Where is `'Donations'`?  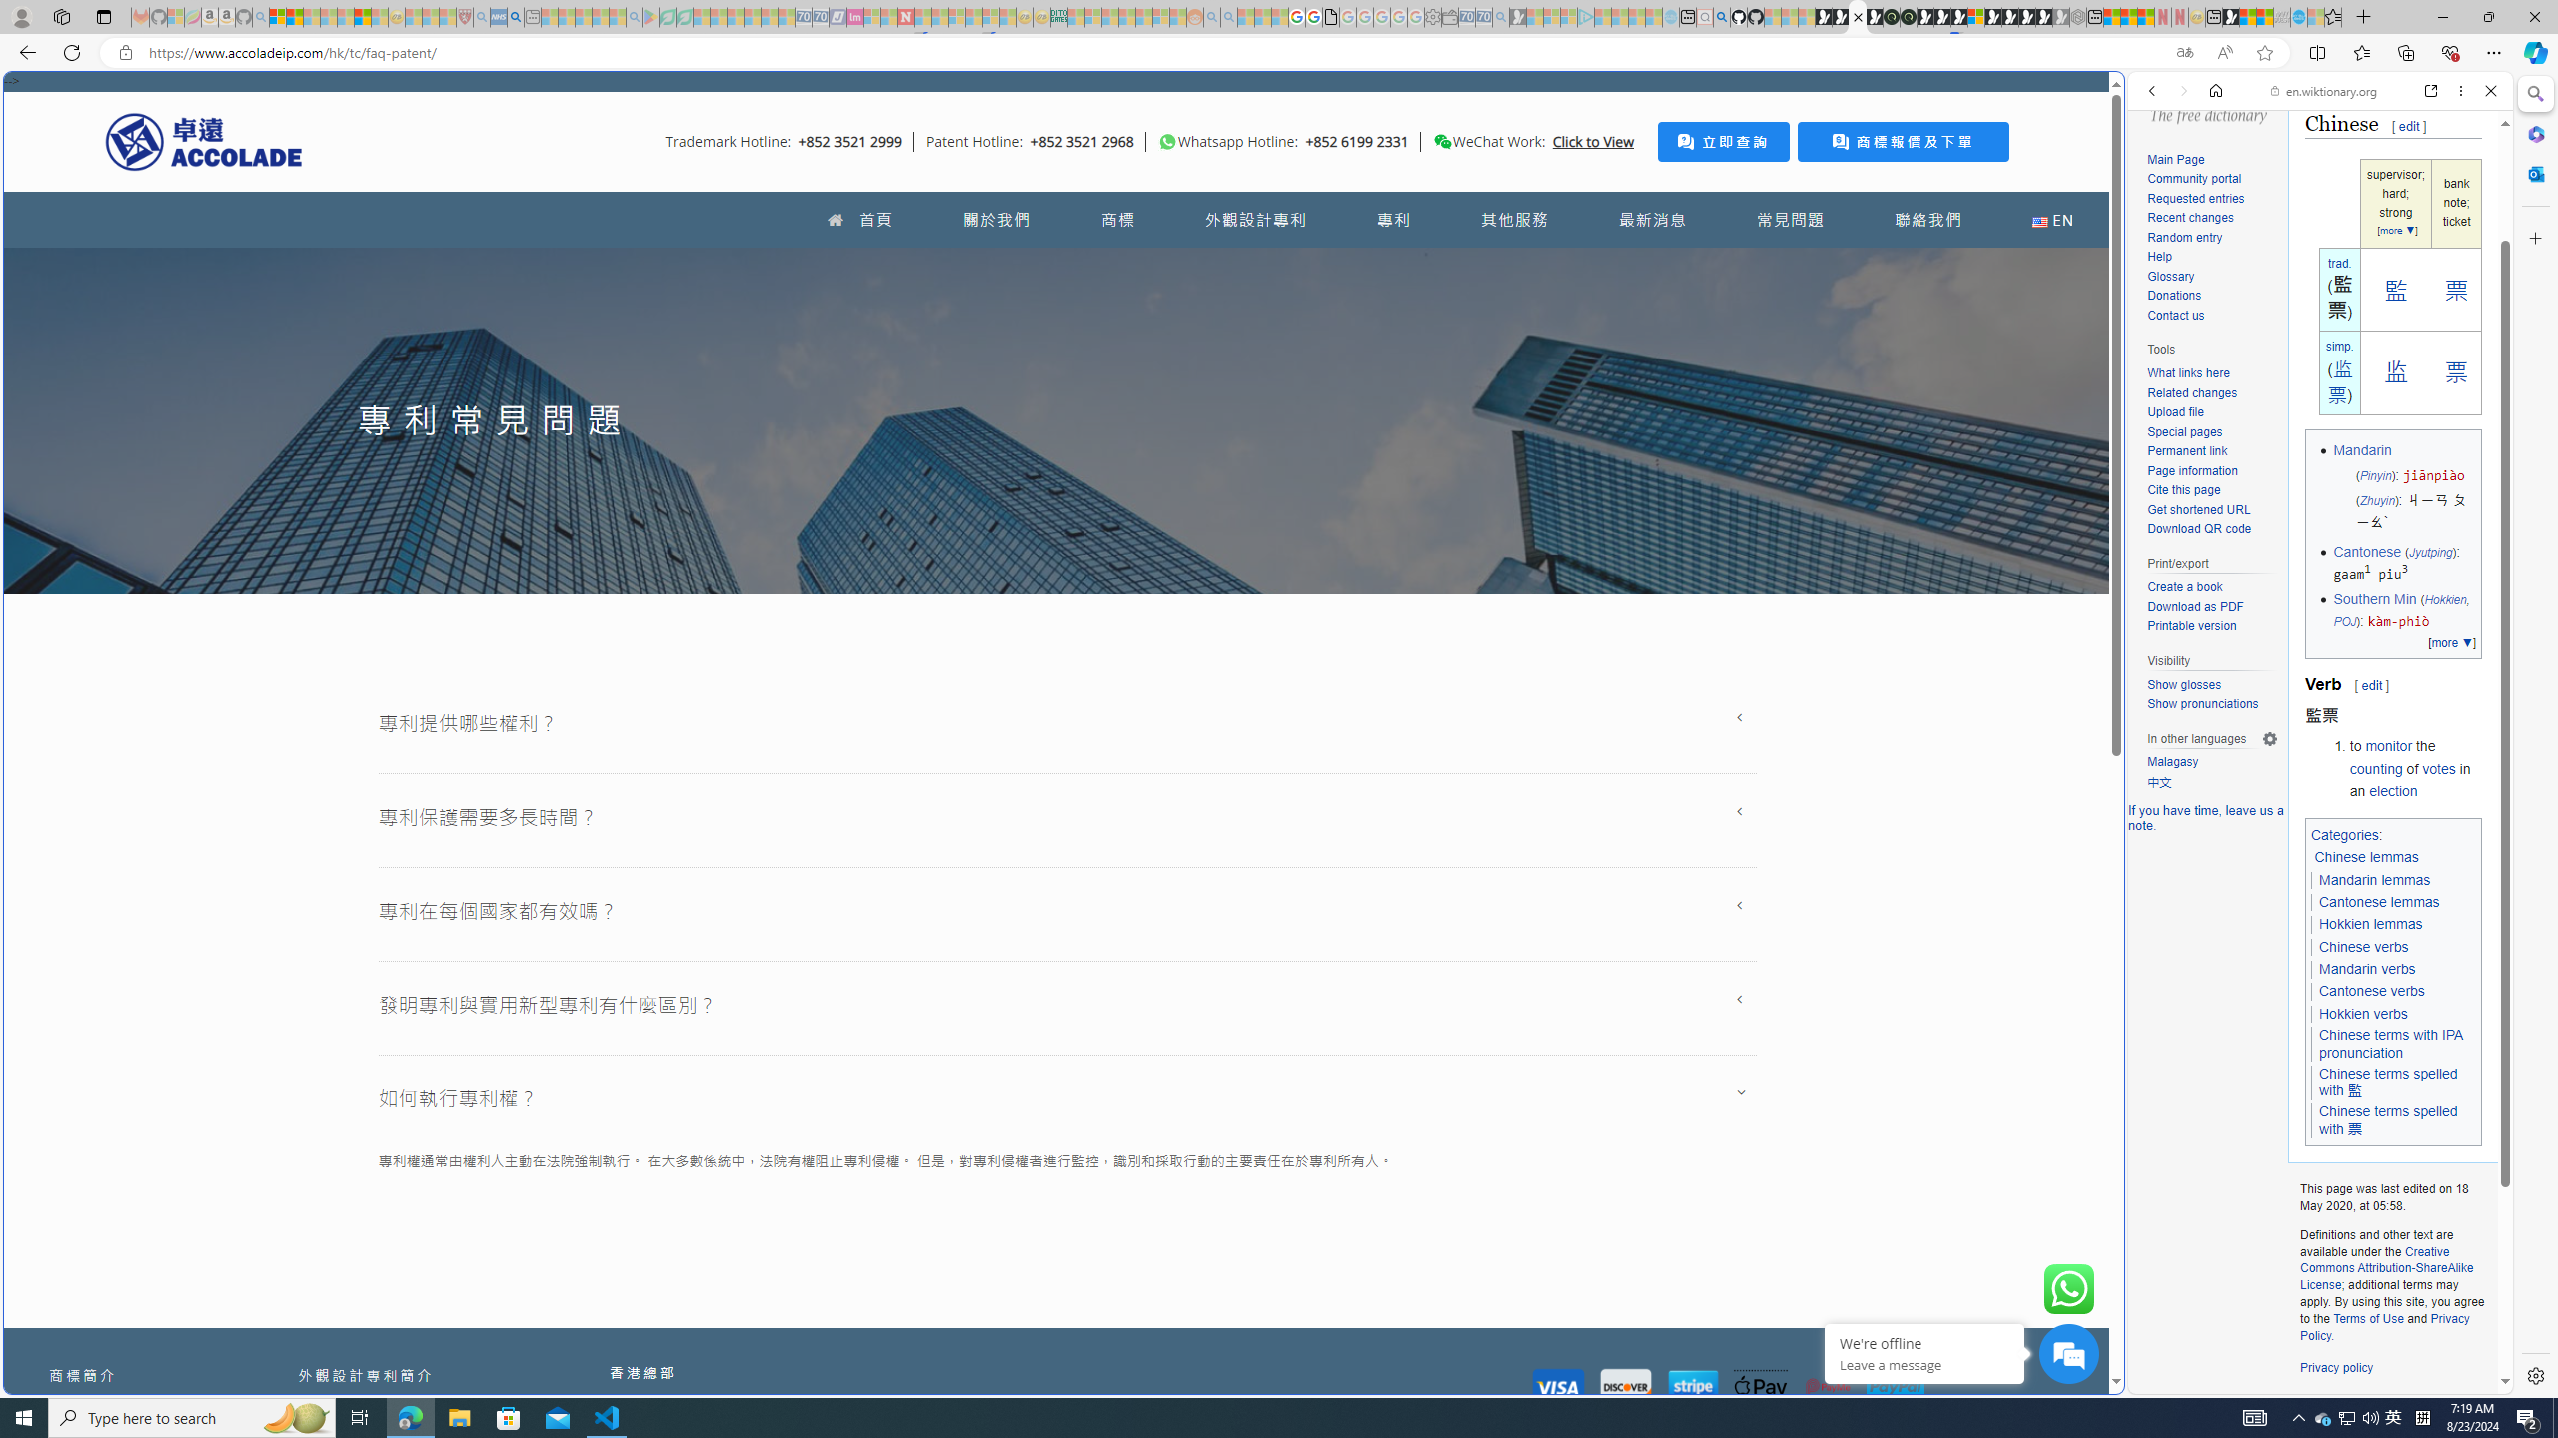 'Donations' is located at coordinates (2211, 295).